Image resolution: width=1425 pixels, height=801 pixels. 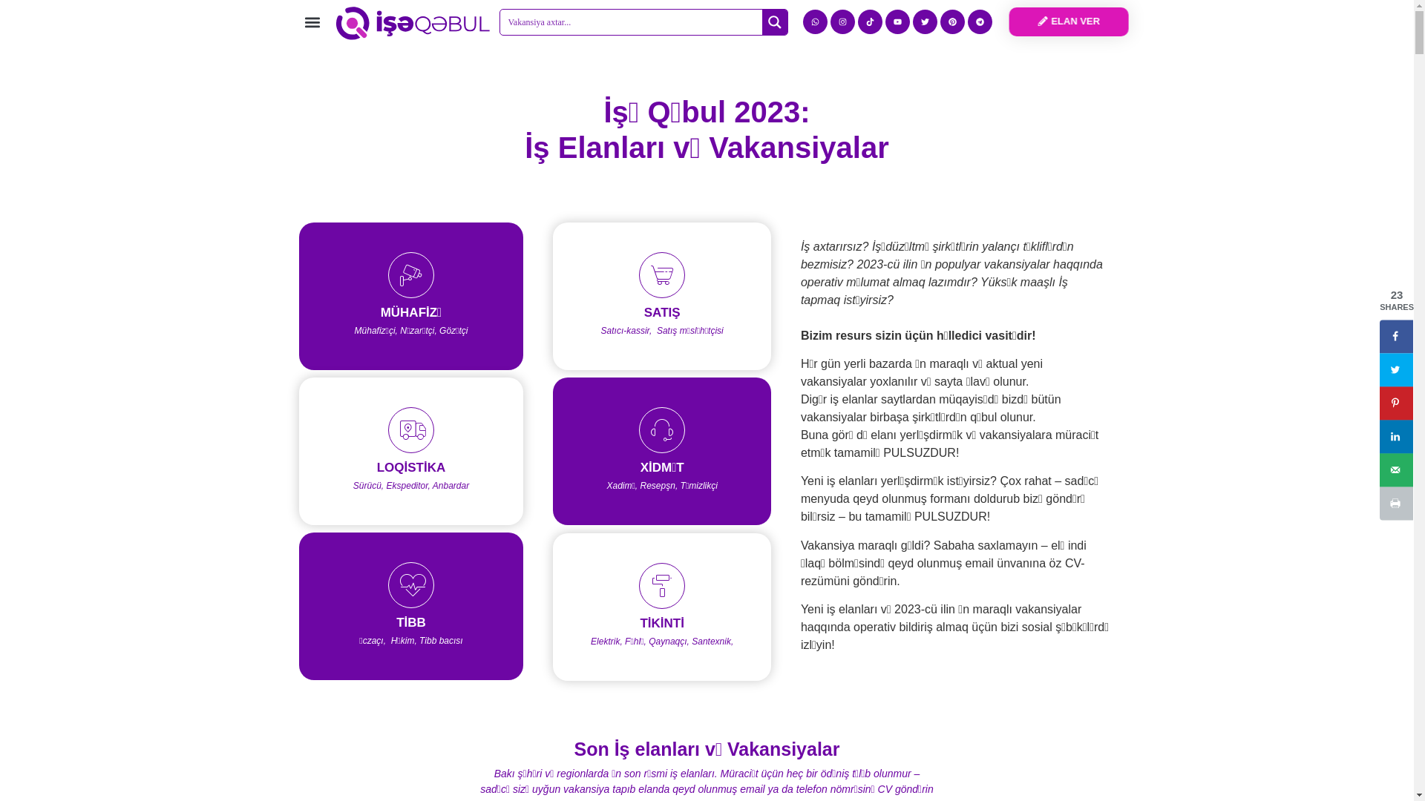 I want to click on 'Share on Facebook', so click(x=1395, y=336).